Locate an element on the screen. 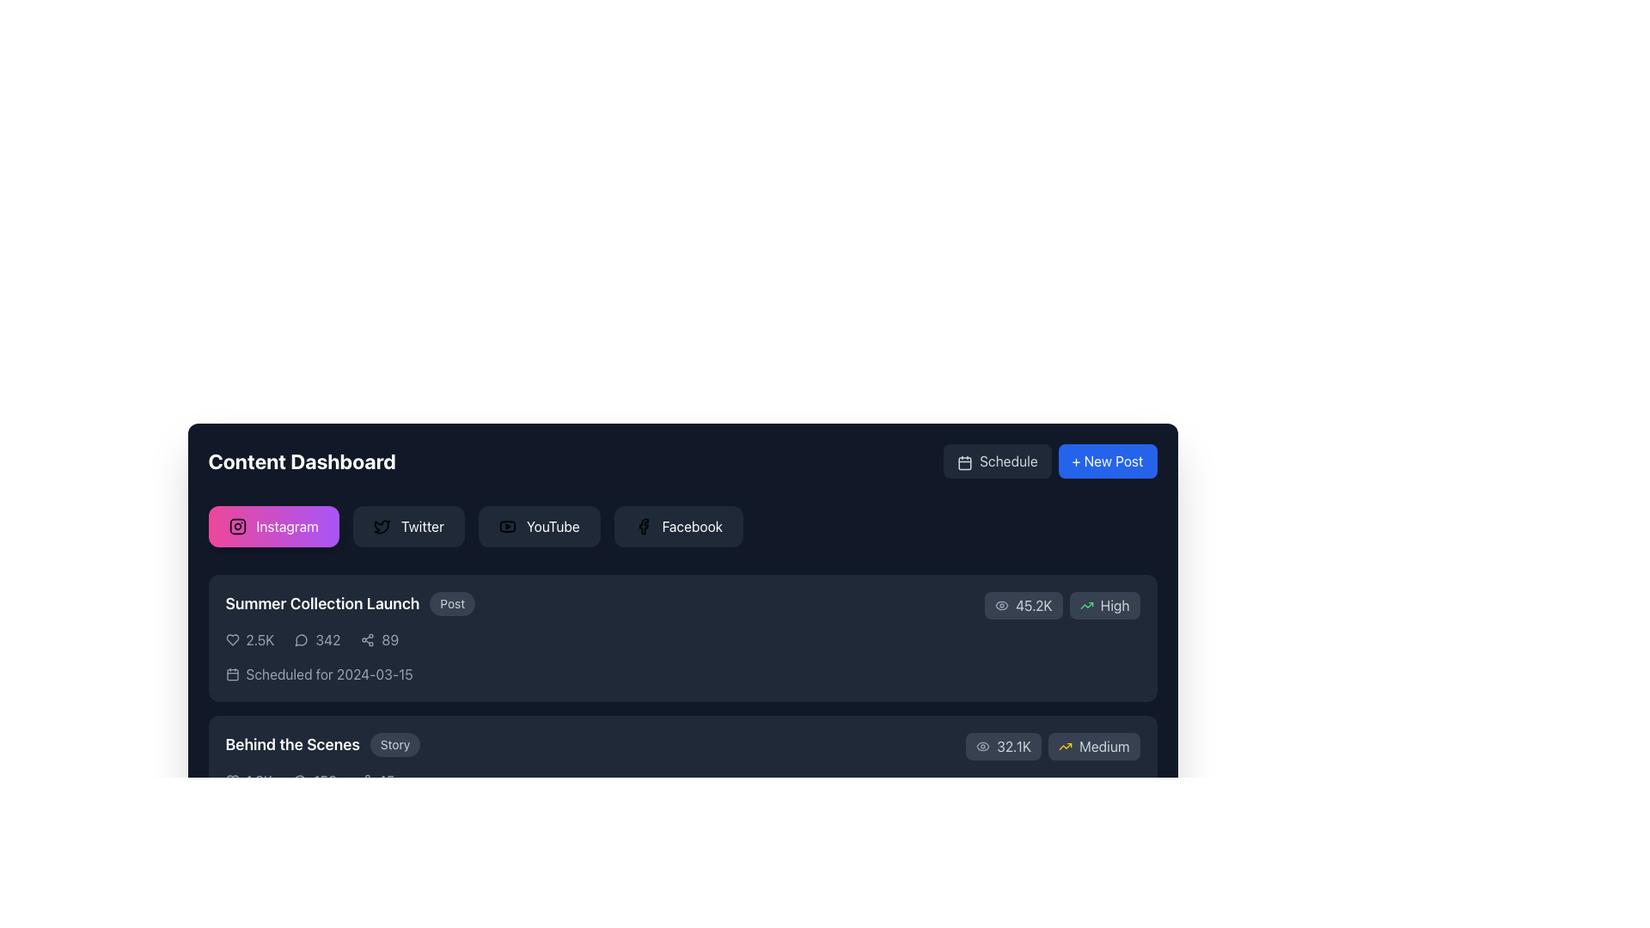  the rectangular button labeled 'YouTube' with a dark gray background and white text is located at coordinates (538, 526).